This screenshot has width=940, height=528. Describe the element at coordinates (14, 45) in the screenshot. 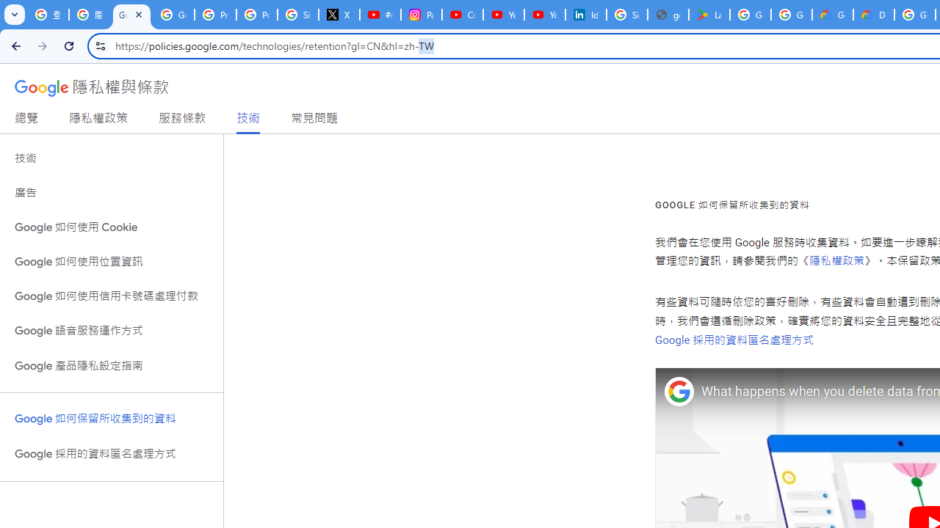

I see `'Back'` at that location.